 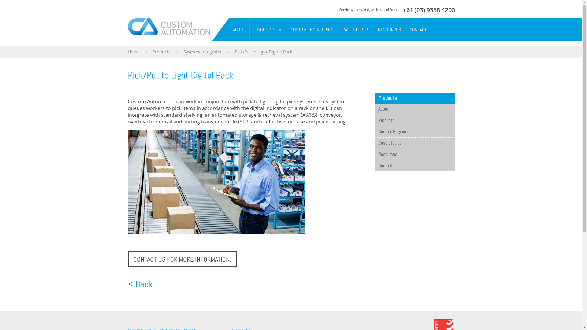 I want to click on '+61 (03) 9358 4200', so click(x=403, y=10).